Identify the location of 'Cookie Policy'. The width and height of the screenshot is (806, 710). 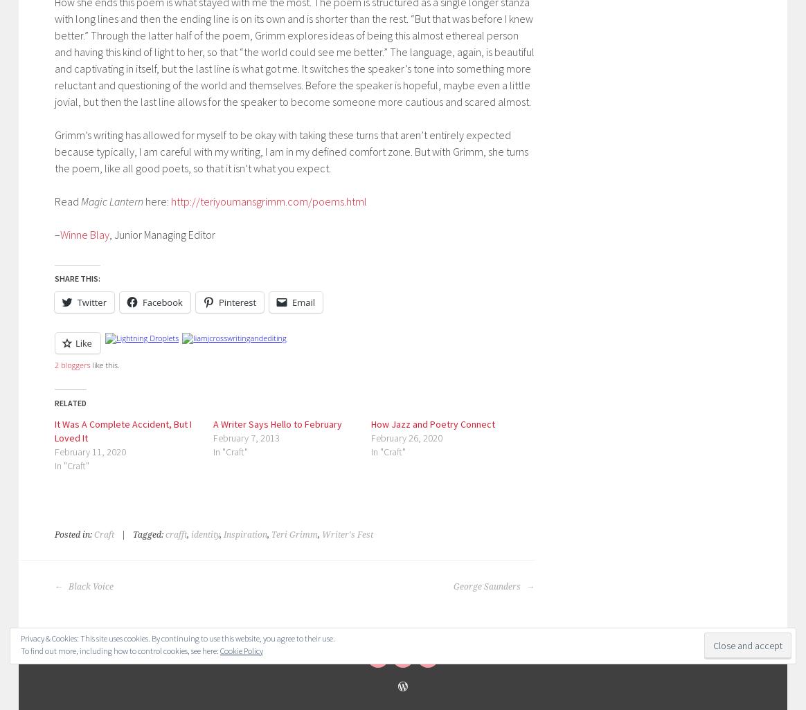
(240, 650).